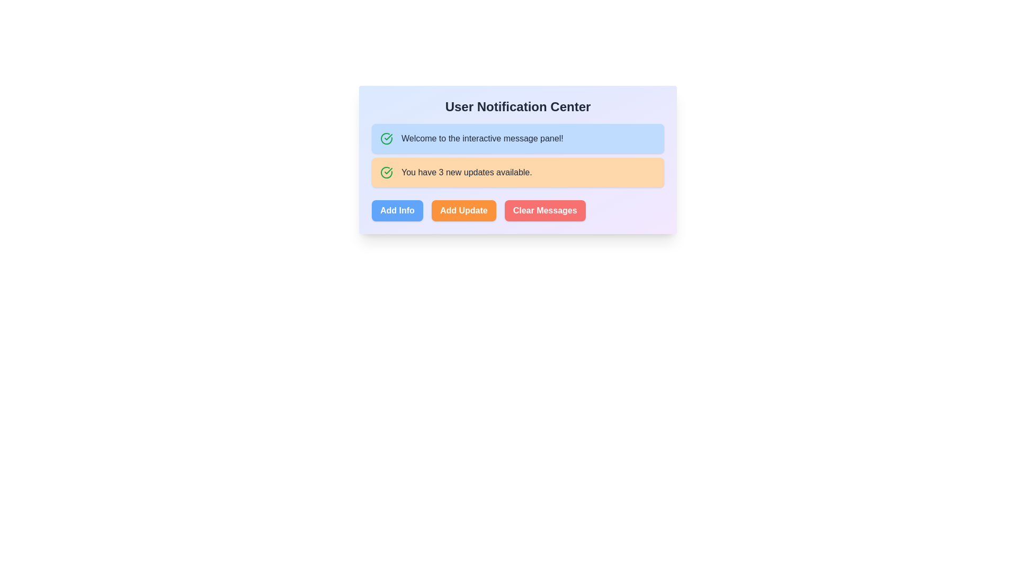 The height and width of the screenshot is (572, 1017). What do you see at coordinates (386, 172) in the screenshot?
I see `the success indicator icon located in the upper-left section of the notification panel that states 'You have 3 new updates available.'` at bounding box center [386, 172].